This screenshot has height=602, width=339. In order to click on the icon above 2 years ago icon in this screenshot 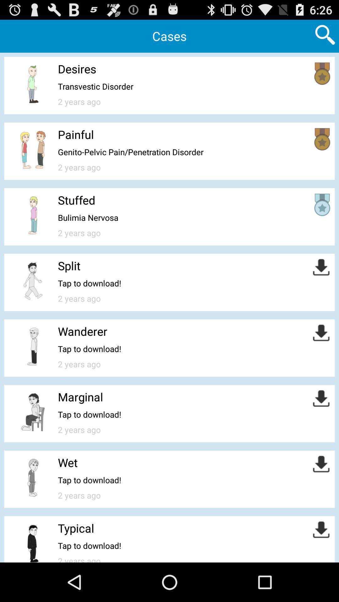, I will do `click(88, 218)`.